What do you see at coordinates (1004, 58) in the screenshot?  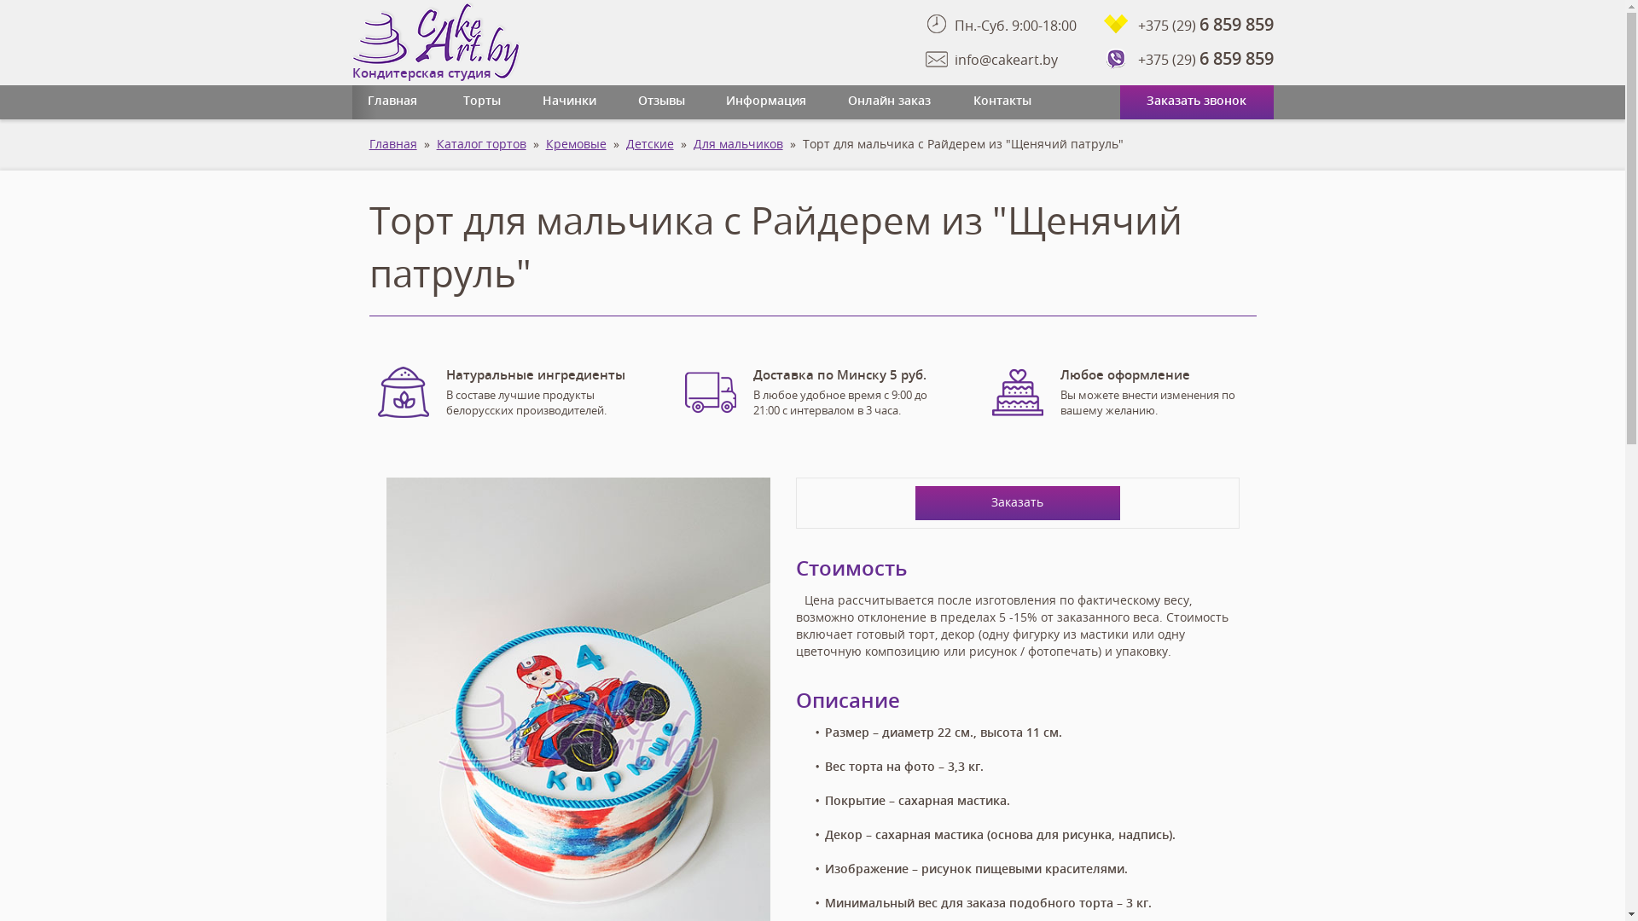 I see `'info@cakeart.by'` at bounding box center [1004, 58].